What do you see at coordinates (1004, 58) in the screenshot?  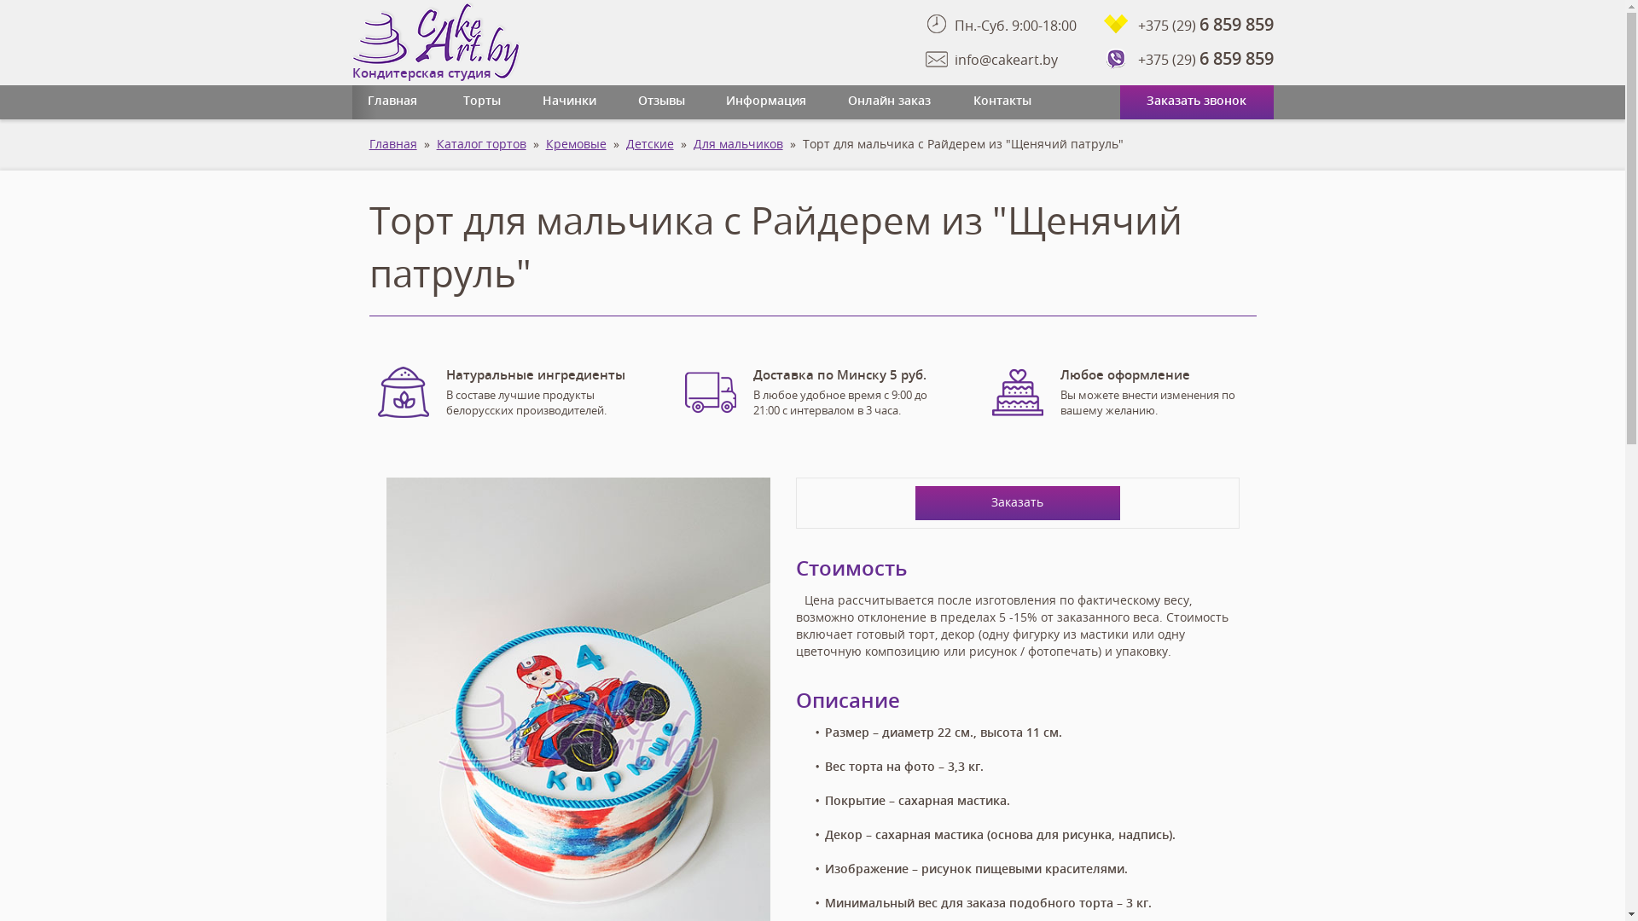 I see `'info@cakeart.by'` at bounding box center [1004, 58].